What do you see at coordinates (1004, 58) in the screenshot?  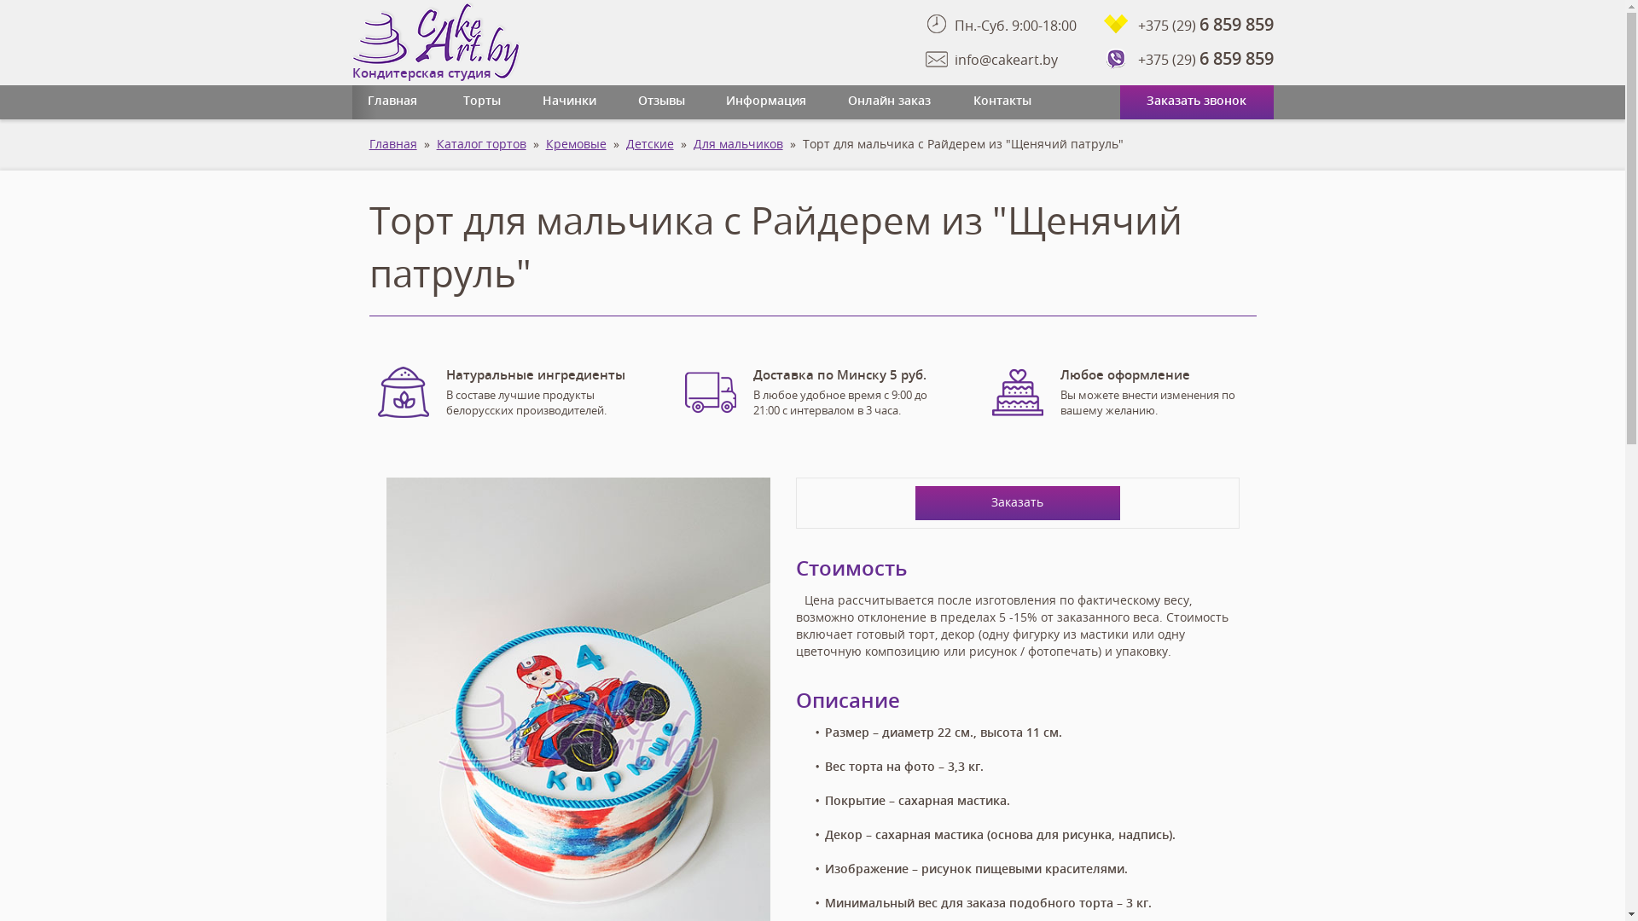 I see `'info@cakeart.by'` at bounding box center [1004, 58].